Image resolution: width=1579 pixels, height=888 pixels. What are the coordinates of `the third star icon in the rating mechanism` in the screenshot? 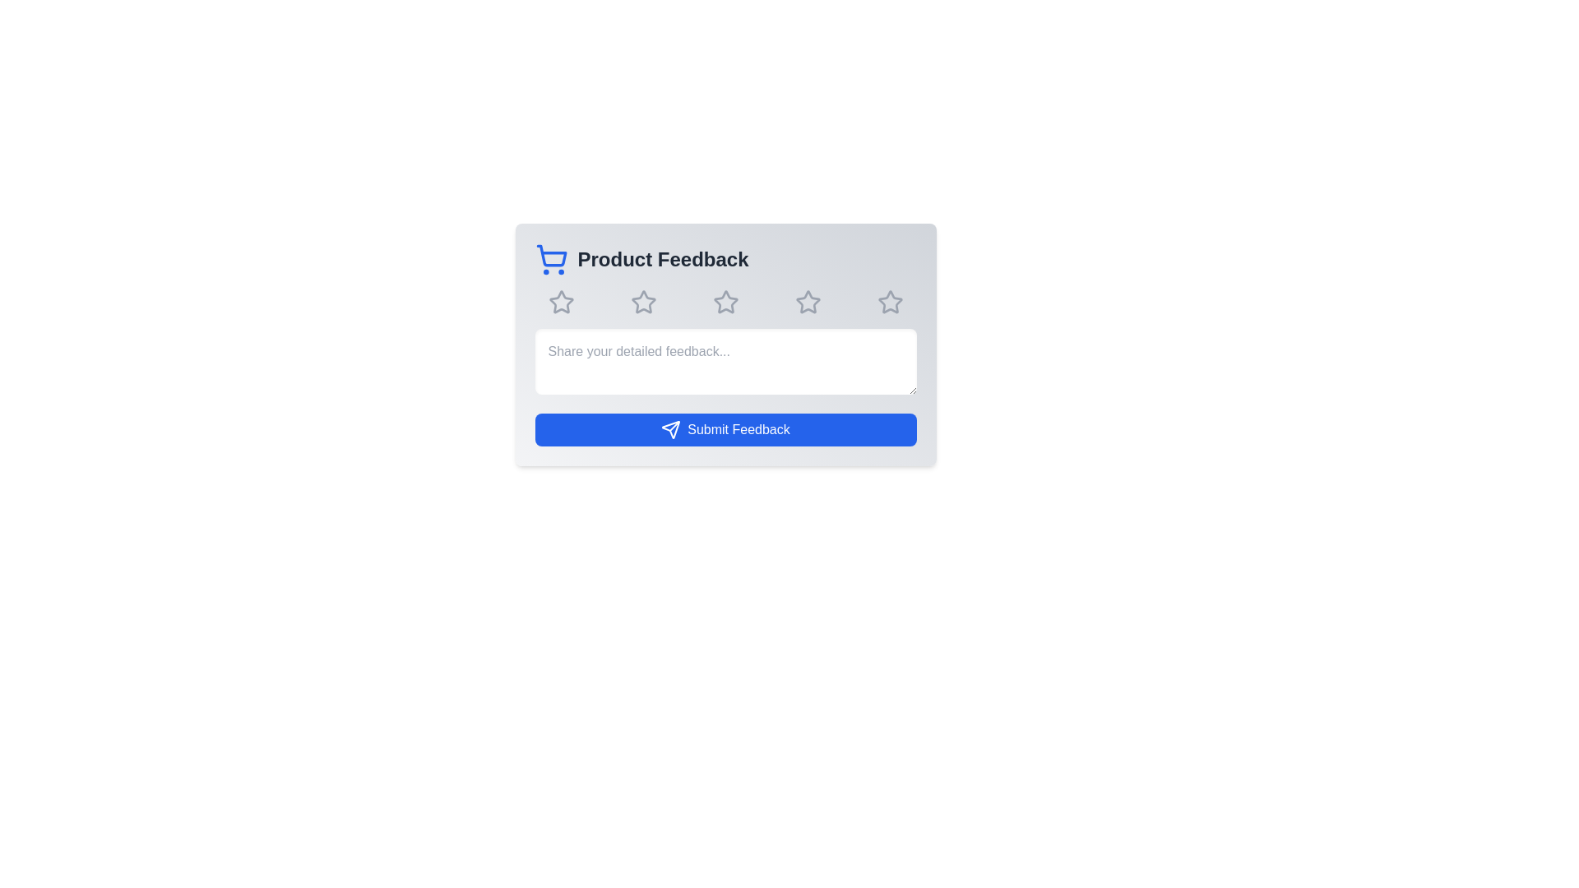 It's located at (725, 302).